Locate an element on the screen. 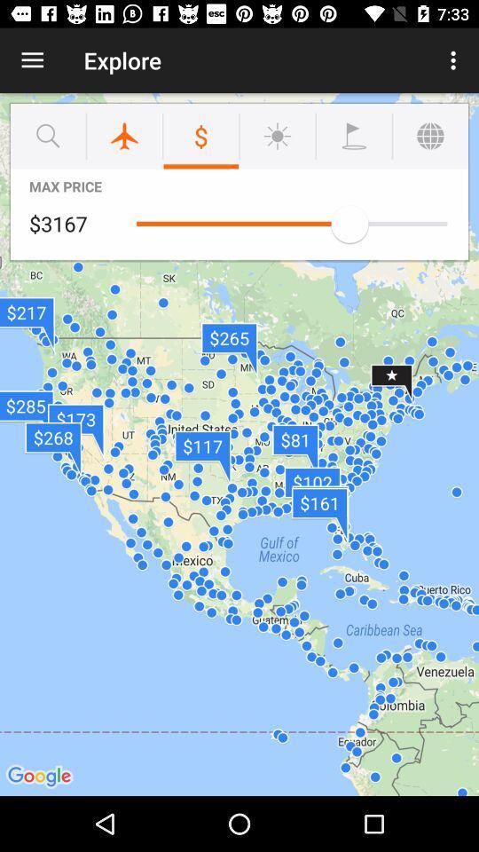  icon to the right of explore is located at coordinates (455, 60).